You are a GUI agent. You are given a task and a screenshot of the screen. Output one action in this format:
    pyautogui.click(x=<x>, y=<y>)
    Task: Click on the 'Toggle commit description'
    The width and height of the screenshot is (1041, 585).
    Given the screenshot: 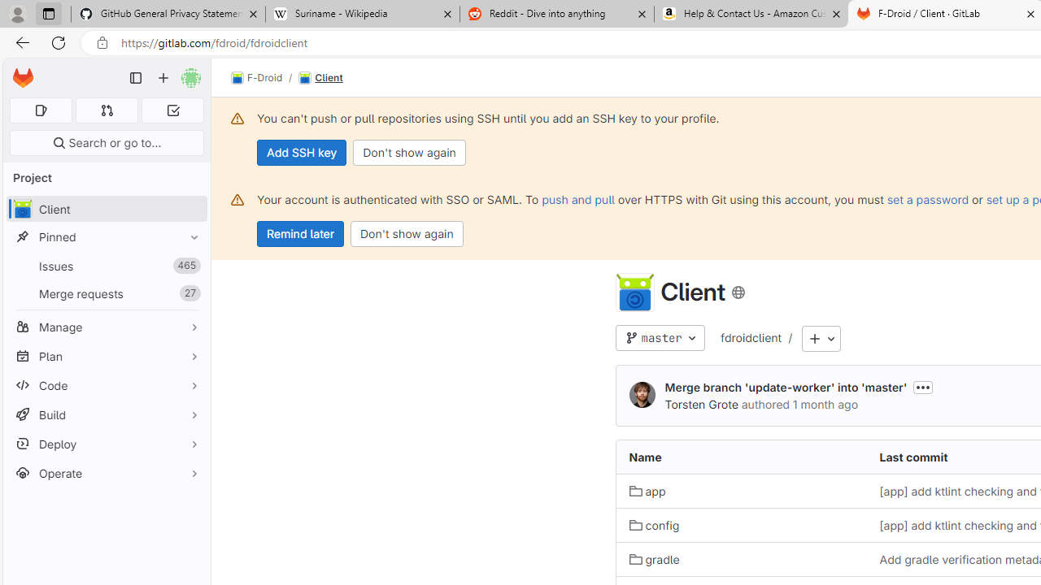 What is the action you would take?
    pyautogui.click(x=923, y=387)
    